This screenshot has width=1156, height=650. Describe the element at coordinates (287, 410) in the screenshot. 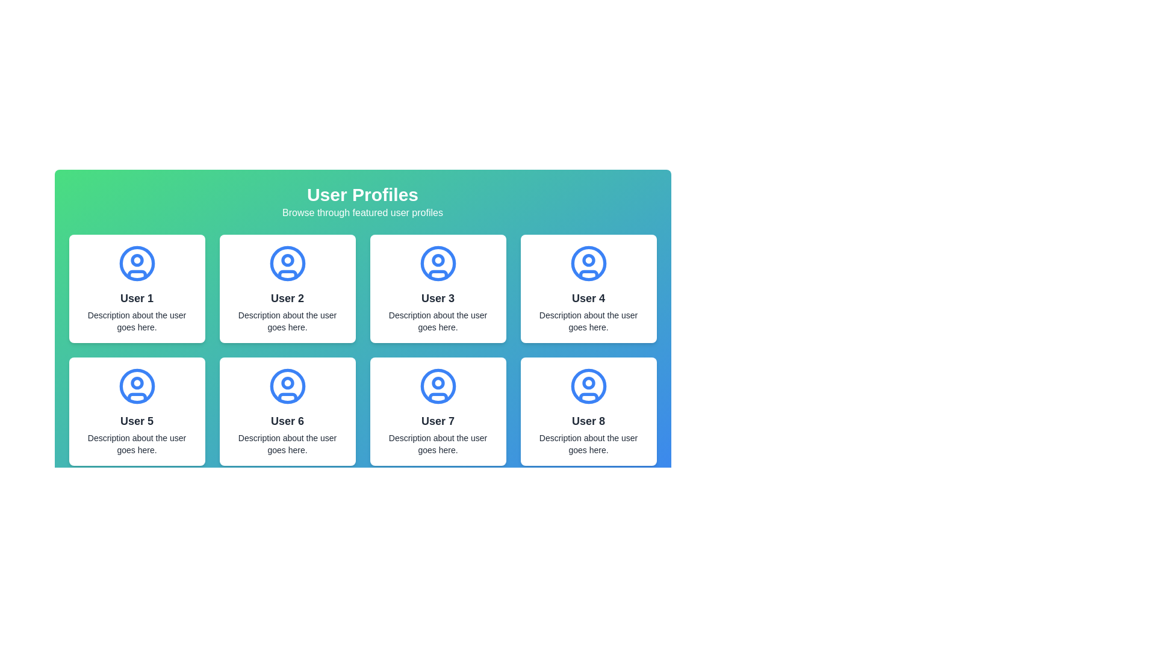

I see `displayed contents of the user profile card located in the second row and second column of the grid layout, beneath 'User 2' and to the left of 'User 7'` at that location.